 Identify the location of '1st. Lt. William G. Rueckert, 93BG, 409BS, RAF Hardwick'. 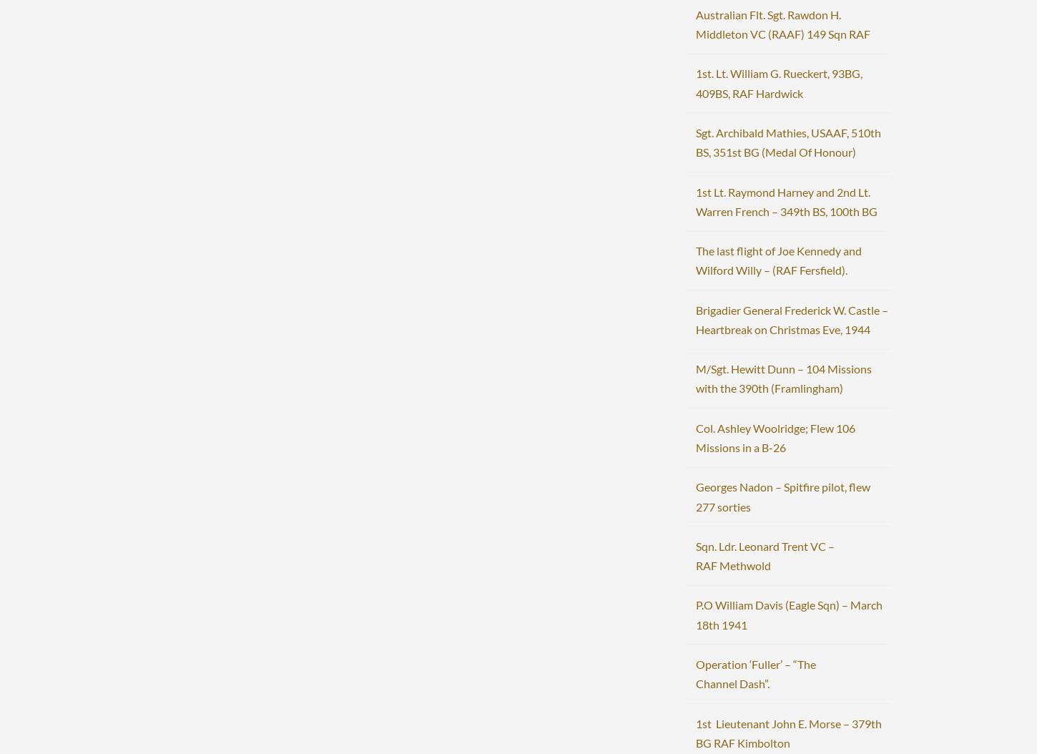
(778, 83).